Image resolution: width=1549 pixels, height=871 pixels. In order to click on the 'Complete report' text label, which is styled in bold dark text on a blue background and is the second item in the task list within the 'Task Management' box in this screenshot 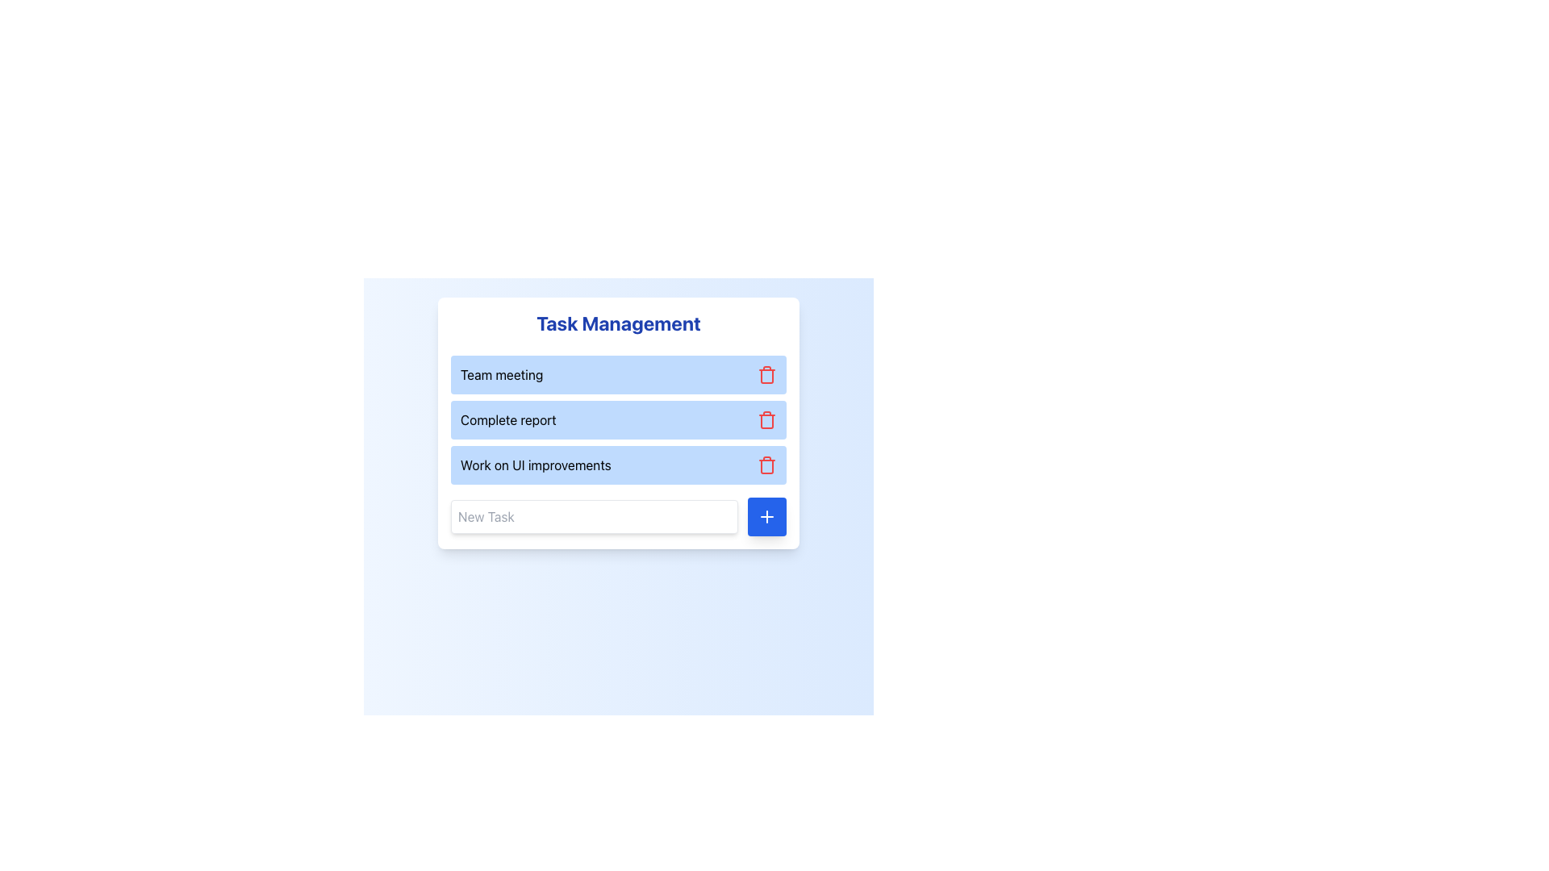, I will do `click(507, 419)`.